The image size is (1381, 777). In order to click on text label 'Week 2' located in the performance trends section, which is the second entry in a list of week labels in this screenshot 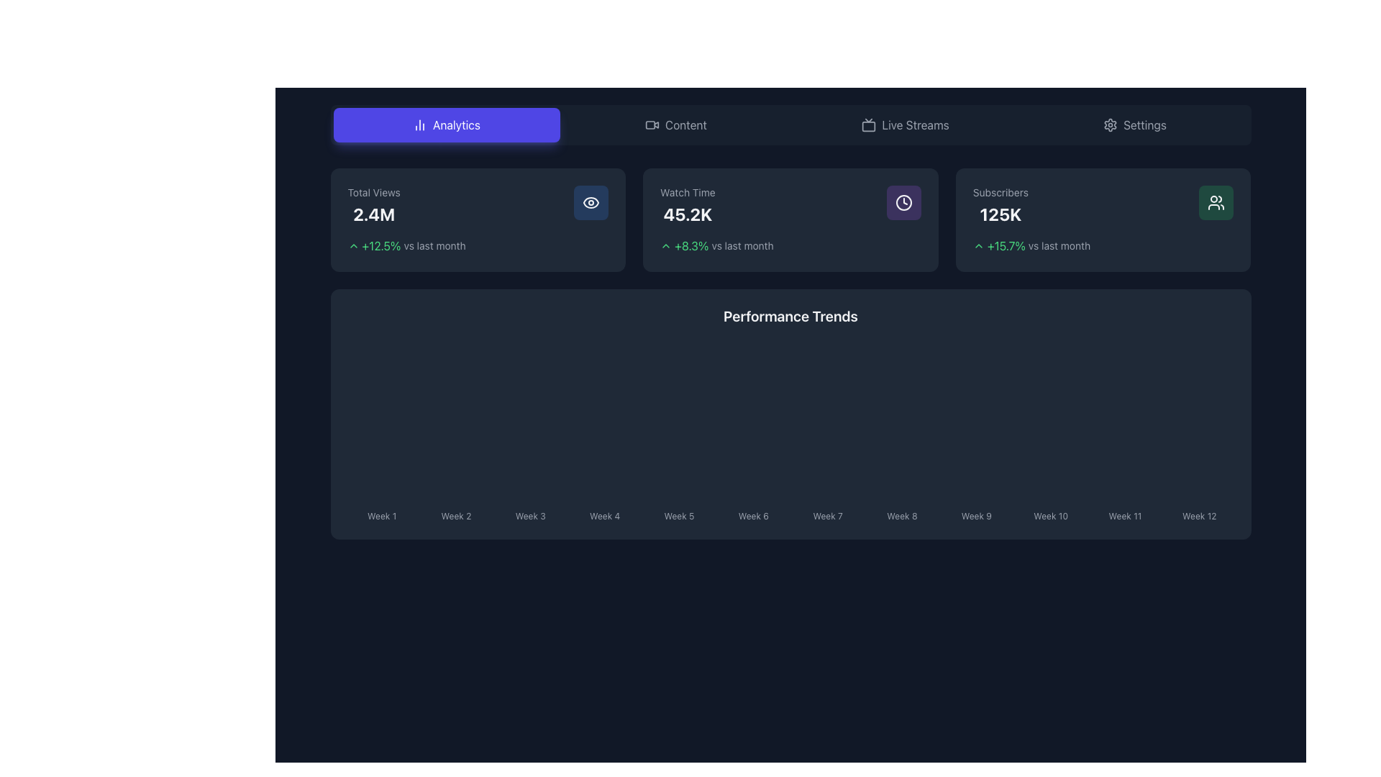, I will do `click(455, 515)`.